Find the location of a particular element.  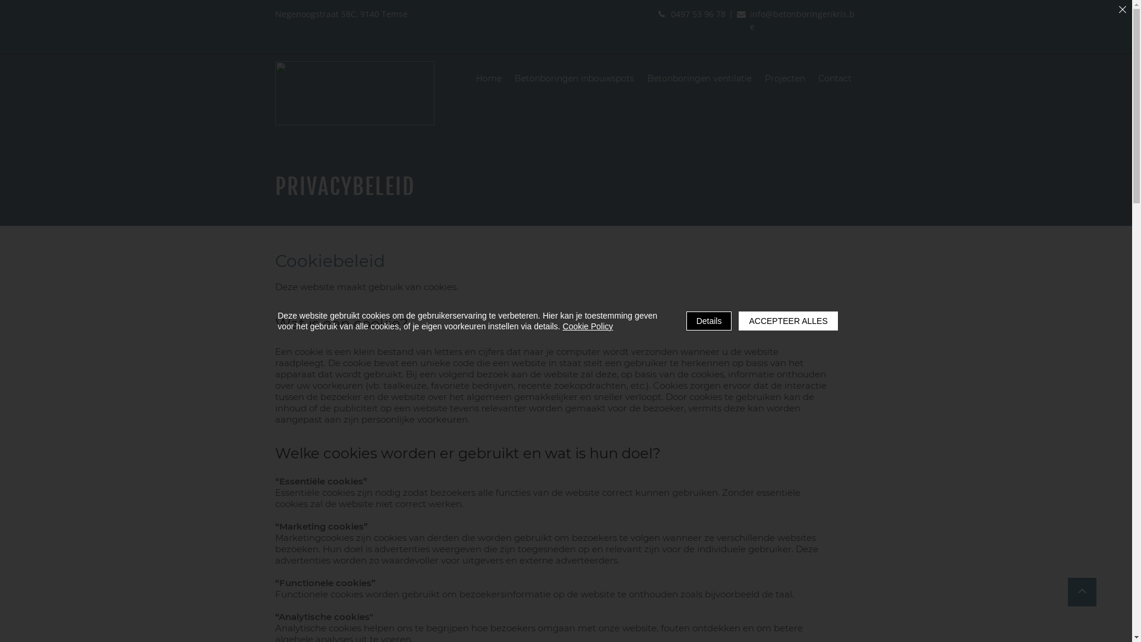

'Projecten' is located at coordinates (784, 79).